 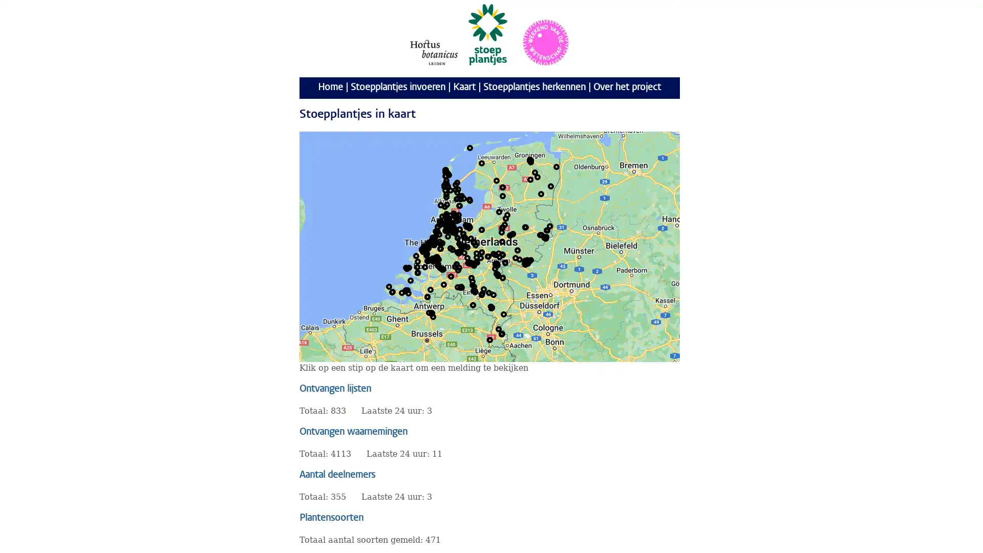 I want to click on Telling van Bas op 18 juni 2022, so click(x=496, y=264).